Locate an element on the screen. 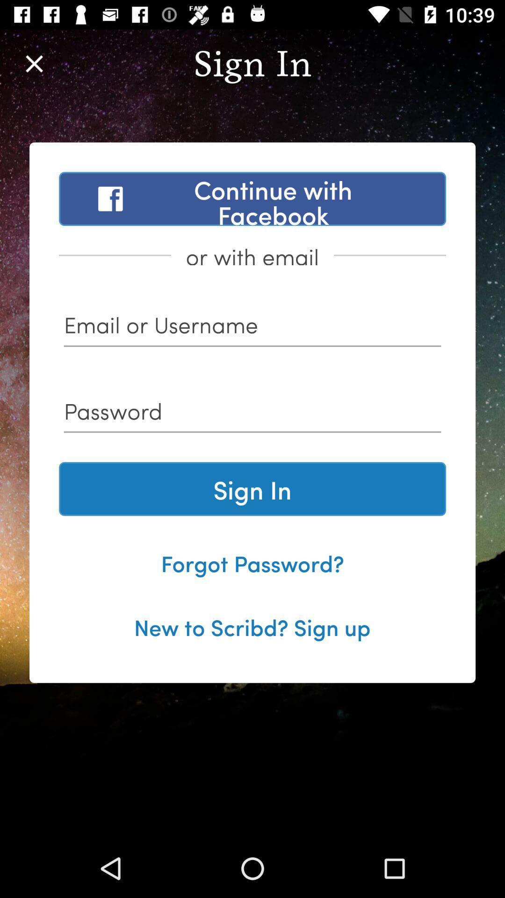 Image resolution: width=505 pixels, height=898 pixels. your username is located at coordinates (252, 328).